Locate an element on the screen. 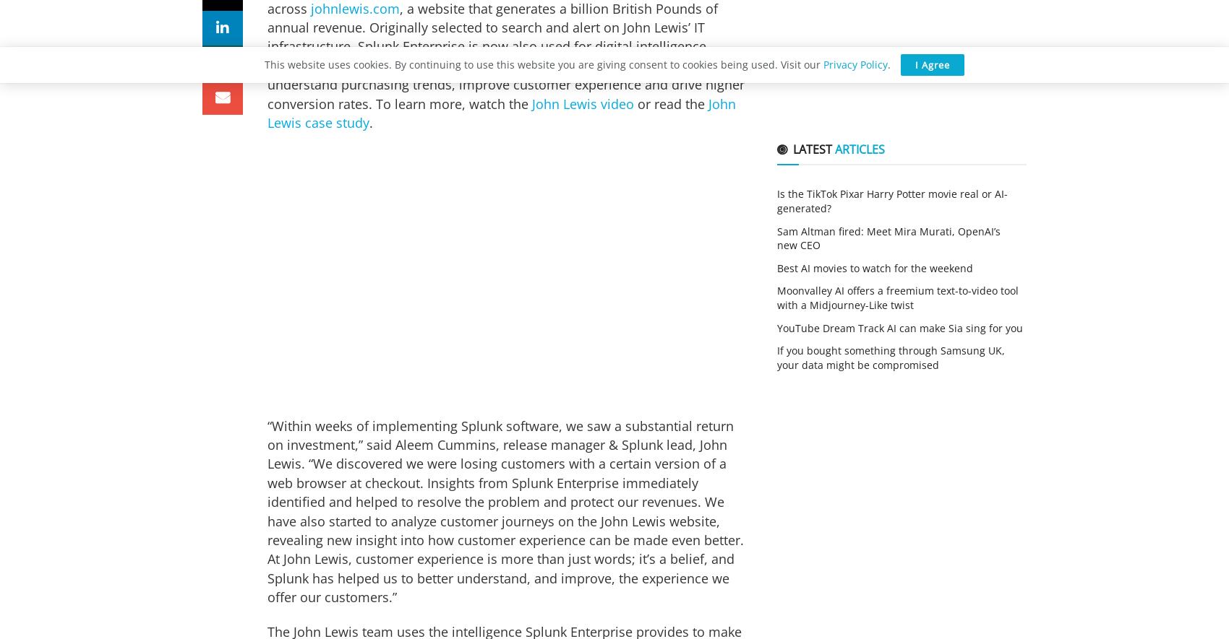 The width and height of the screenshot is (1229, 639). 'Best AI movies to watch for the weekend' is located at coordinates (874, 266).